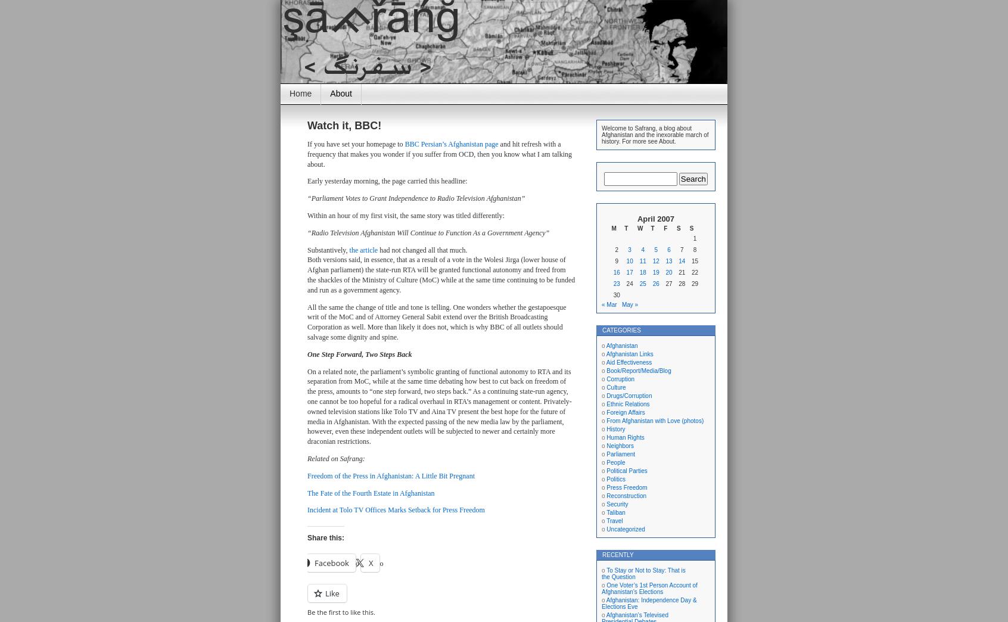 The width and height of the screenshot is (1008, 622). What do you see at coordinates (642, 284) in the screenshot?
I see `'25'` at bounding box center [642, 284].